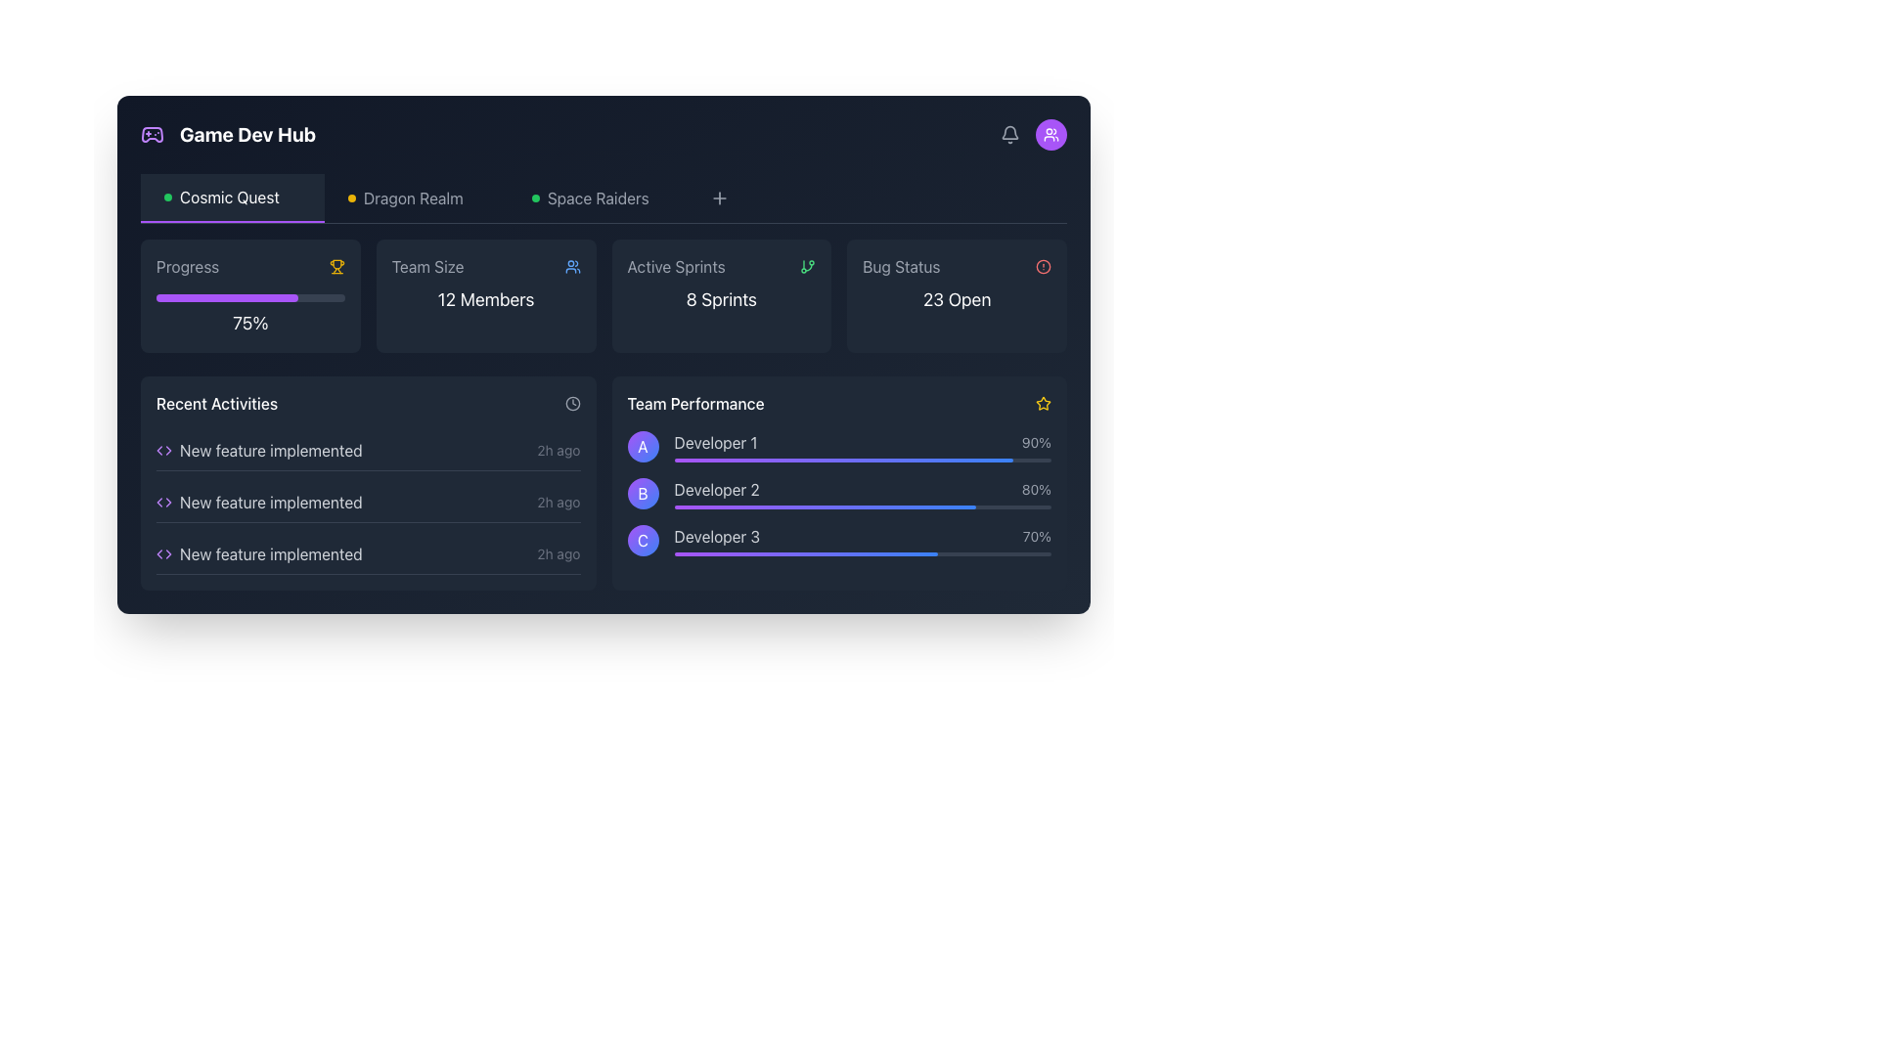 This screenshot has height=1056, width=1878. I want to click on the second entry in the 'Recent Activities' section, so click(368, 502).